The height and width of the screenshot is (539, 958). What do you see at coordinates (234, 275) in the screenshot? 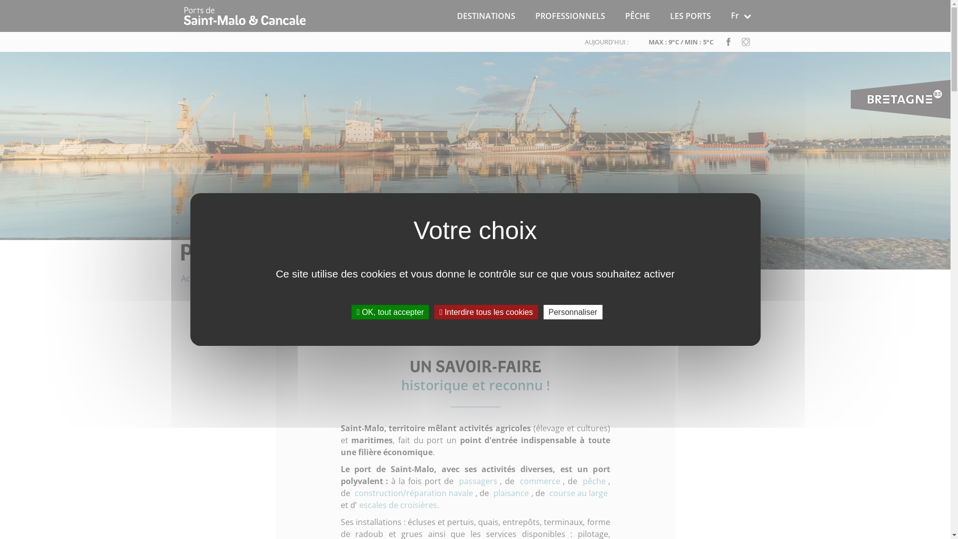
I see `'Les Ports'` at bounding box center [234, 275].